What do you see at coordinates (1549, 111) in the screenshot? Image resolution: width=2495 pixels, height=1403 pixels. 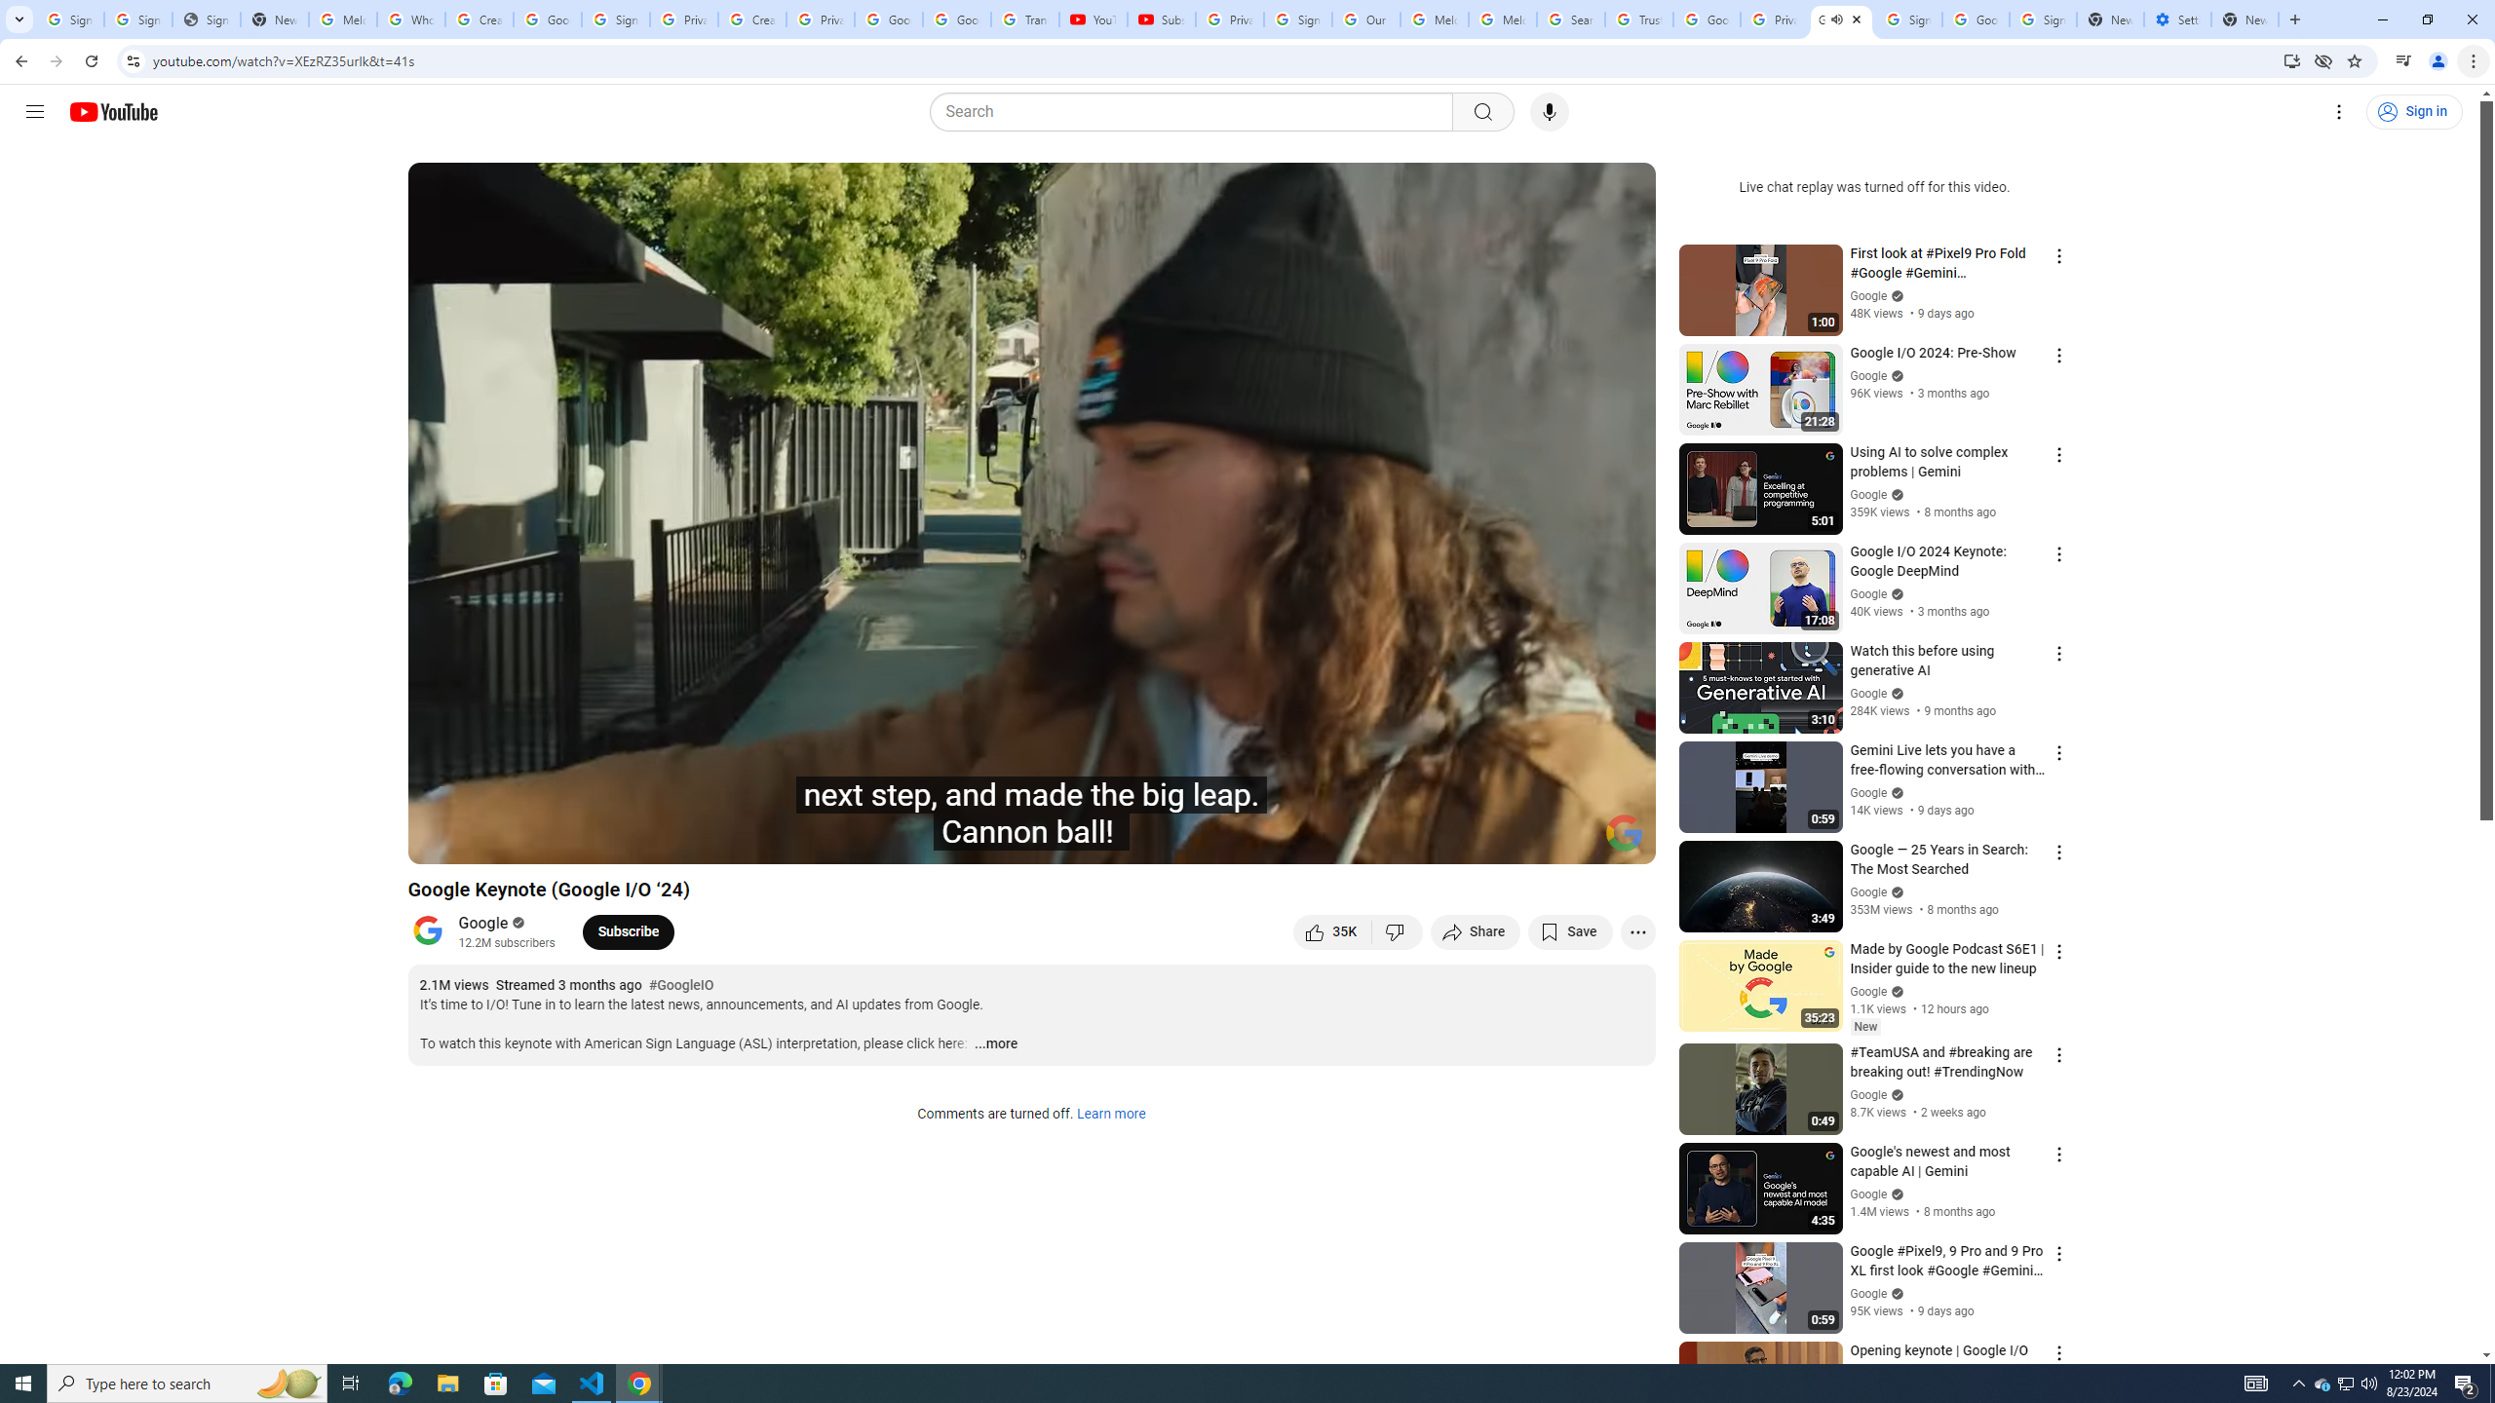 I see `'Search with your voice'` at bounding box center [1549, 111].